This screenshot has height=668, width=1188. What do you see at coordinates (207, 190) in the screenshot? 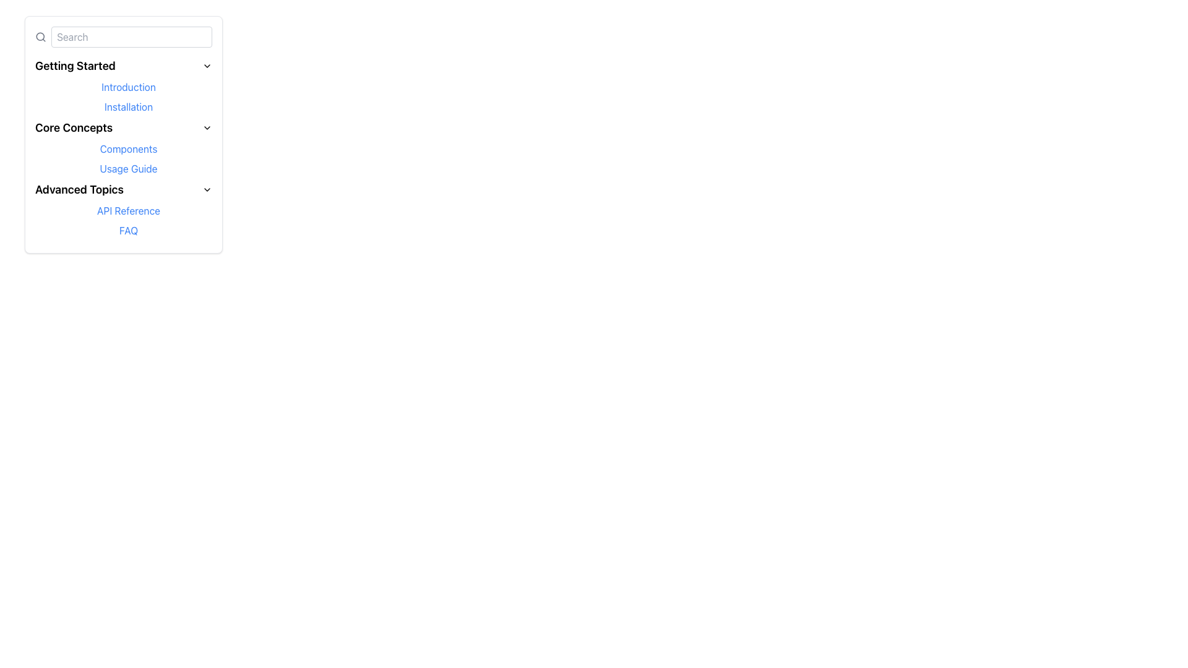
I see `the downward-pointing chevron icon located to the right of the 'Advanced Topics' text in the collapsible navigation menu` at bounding box center [207, 190].